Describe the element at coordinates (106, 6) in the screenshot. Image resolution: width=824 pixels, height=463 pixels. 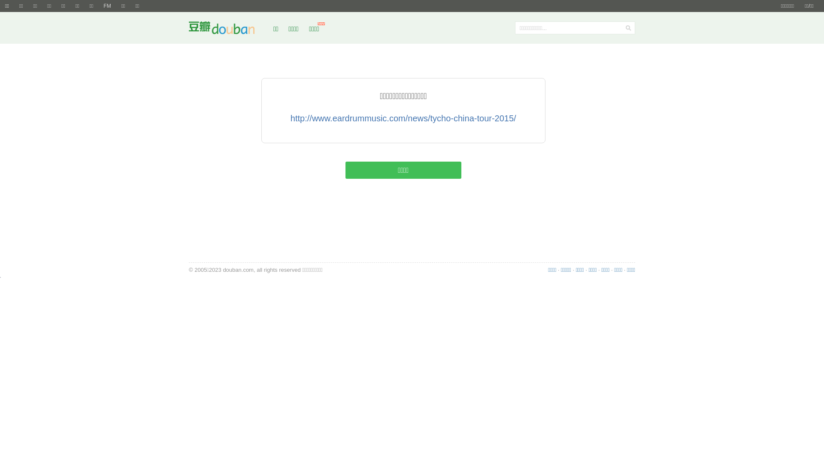
I see `'FM'` at that location.